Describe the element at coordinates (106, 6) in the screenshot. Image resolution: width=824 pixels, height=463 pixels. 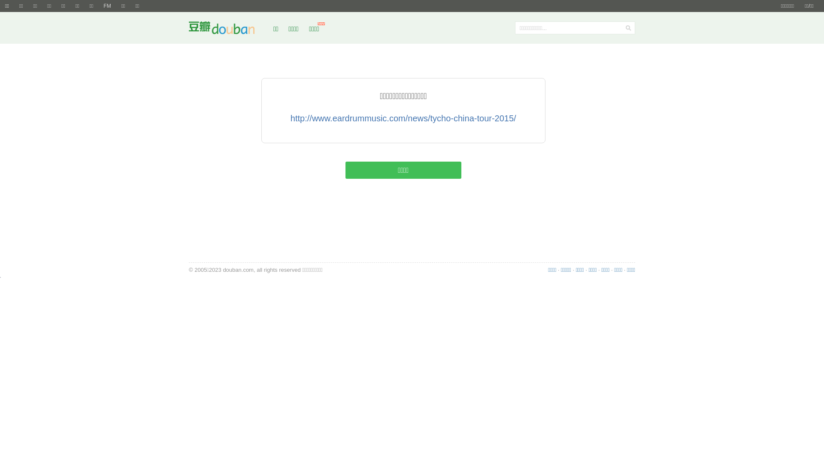
I see `'FM'` at that location.